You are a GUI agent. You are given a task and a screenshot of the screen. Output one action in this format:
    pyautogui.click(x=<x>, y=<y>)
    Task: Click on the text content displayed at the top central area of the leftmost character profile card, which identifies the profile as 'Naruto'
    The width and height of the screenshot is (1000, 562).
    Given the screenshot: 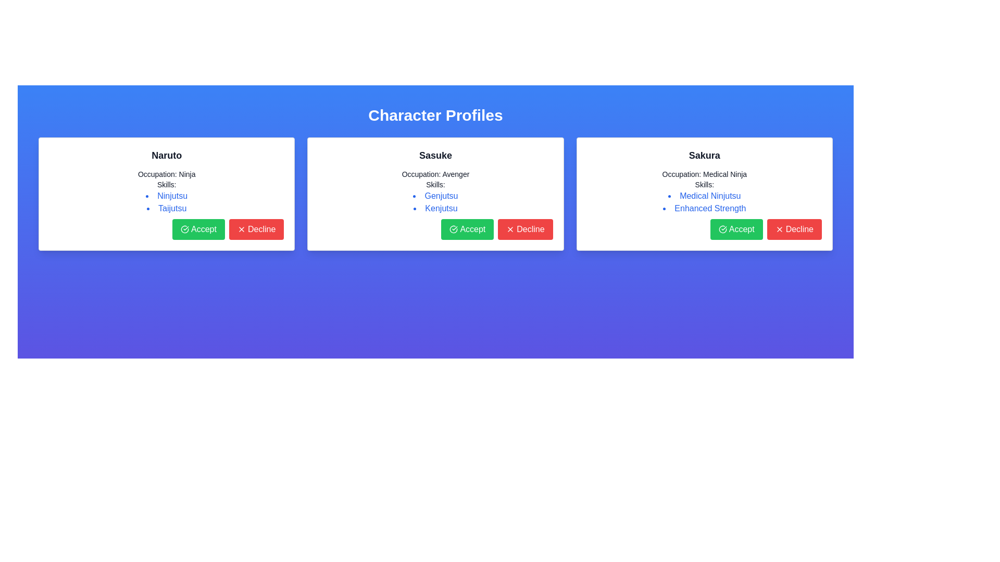 What is the action you would take?
    pyautogui.click(x=167, y=156)
    